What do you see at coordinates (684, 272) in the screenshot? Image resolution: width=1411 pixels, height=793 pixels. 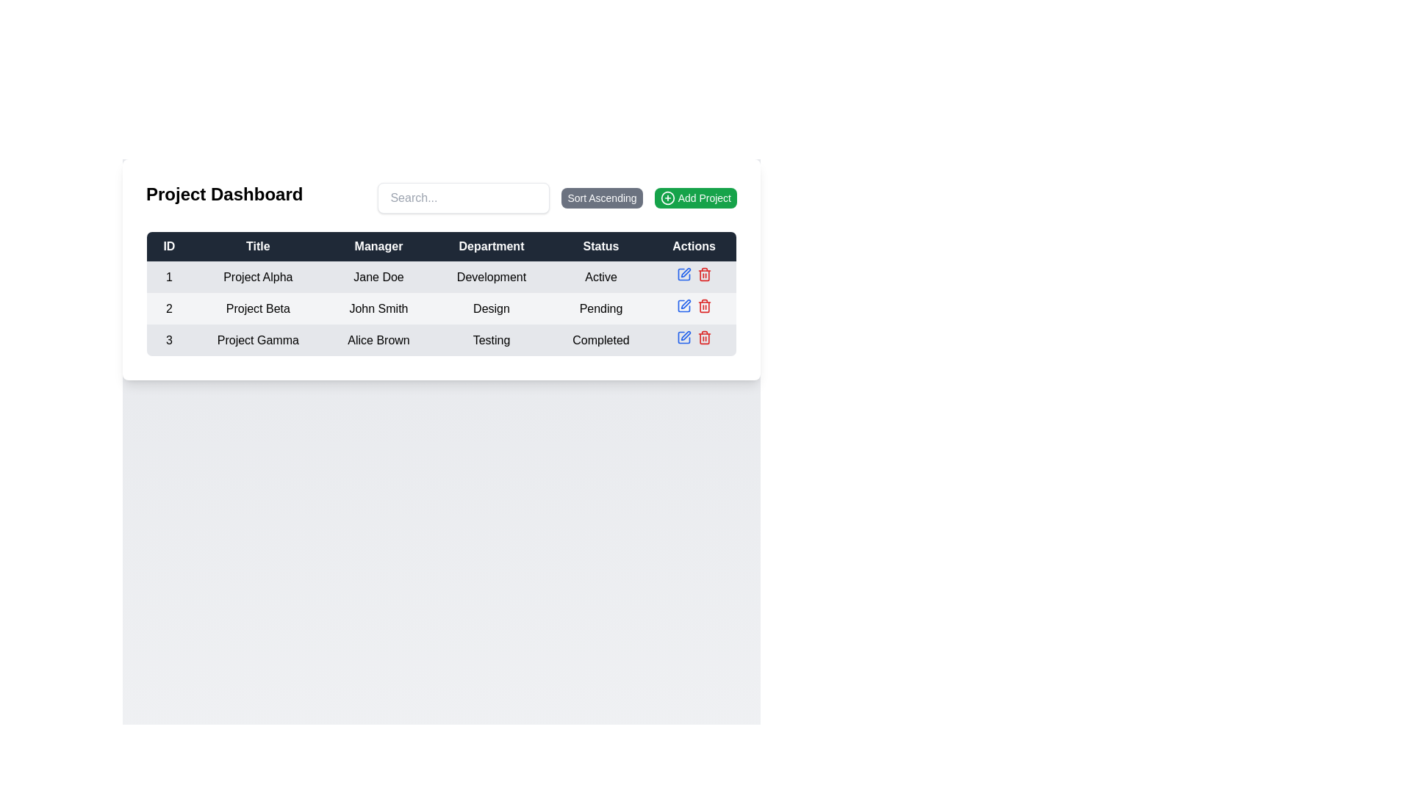 I see `the pencil icon in the 'Actions' column of the second row to initiate editing` at bounding box center [684, 272].